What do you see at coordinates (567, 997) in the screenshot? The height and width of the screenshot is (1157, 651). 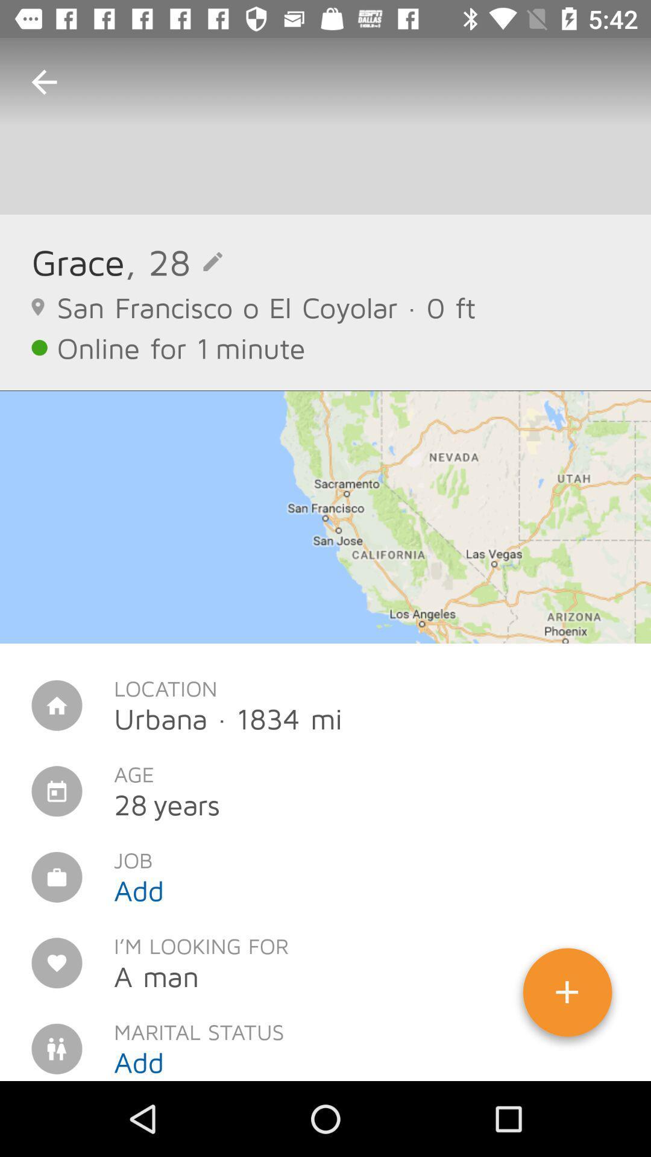 I see `the item at the bottom right corner` at bounding box center [567, 997].